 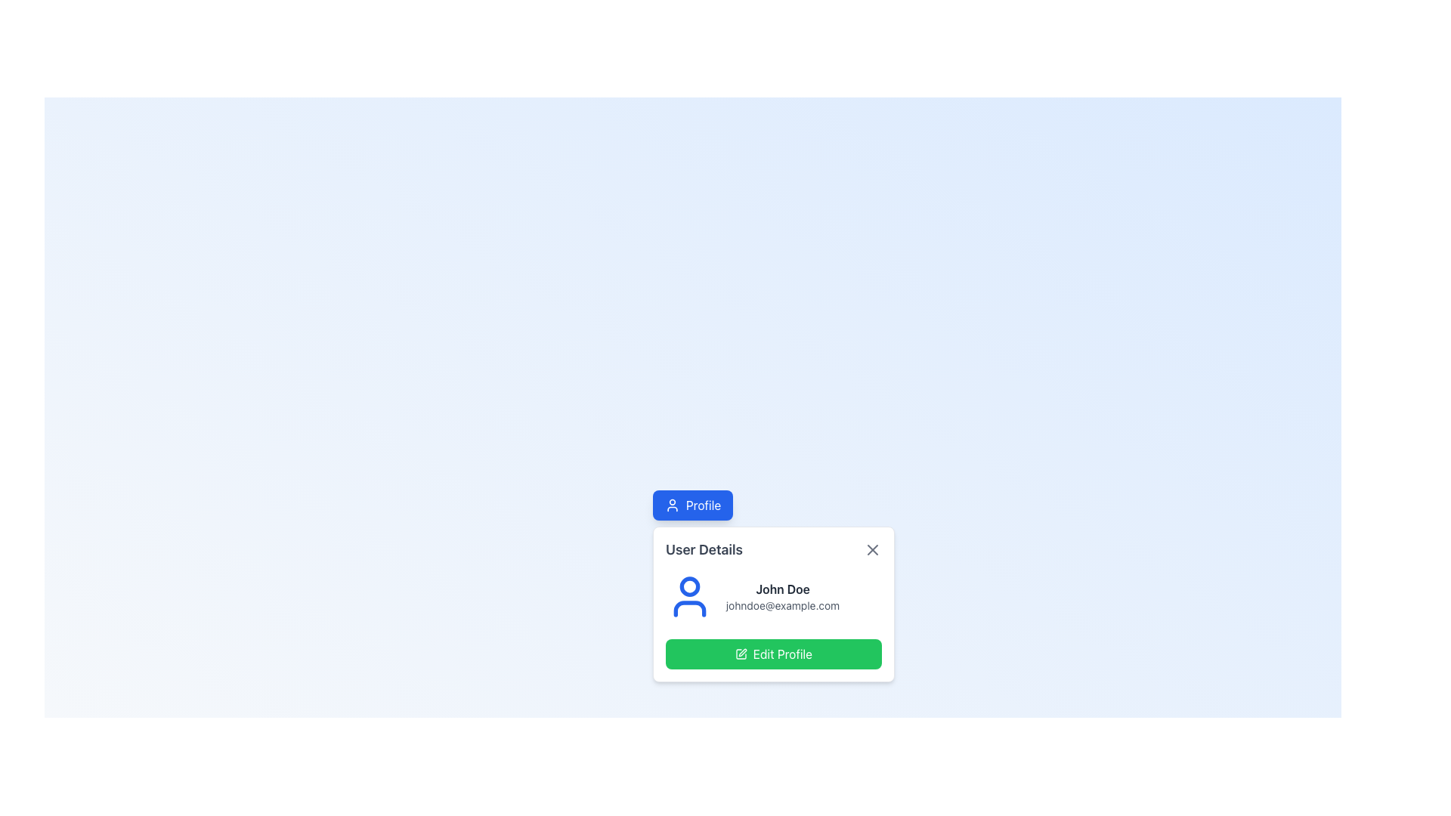 I want to click on the small blue circular shape located at the top-center of the larger user icon graphic, which represents the head component of the icon, so click(x=688, y=586).